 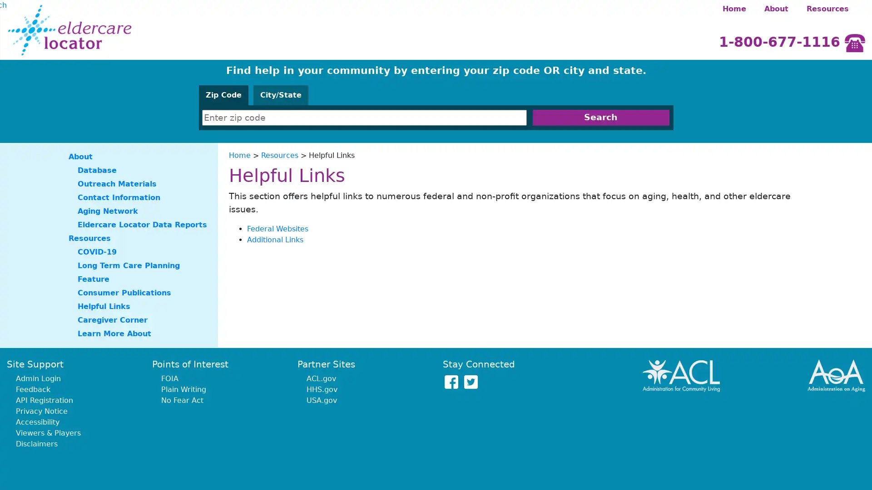 What do you see at coordinates (600, 117) in the screenshot?
I see `Search` at bounding box center [600, 117].